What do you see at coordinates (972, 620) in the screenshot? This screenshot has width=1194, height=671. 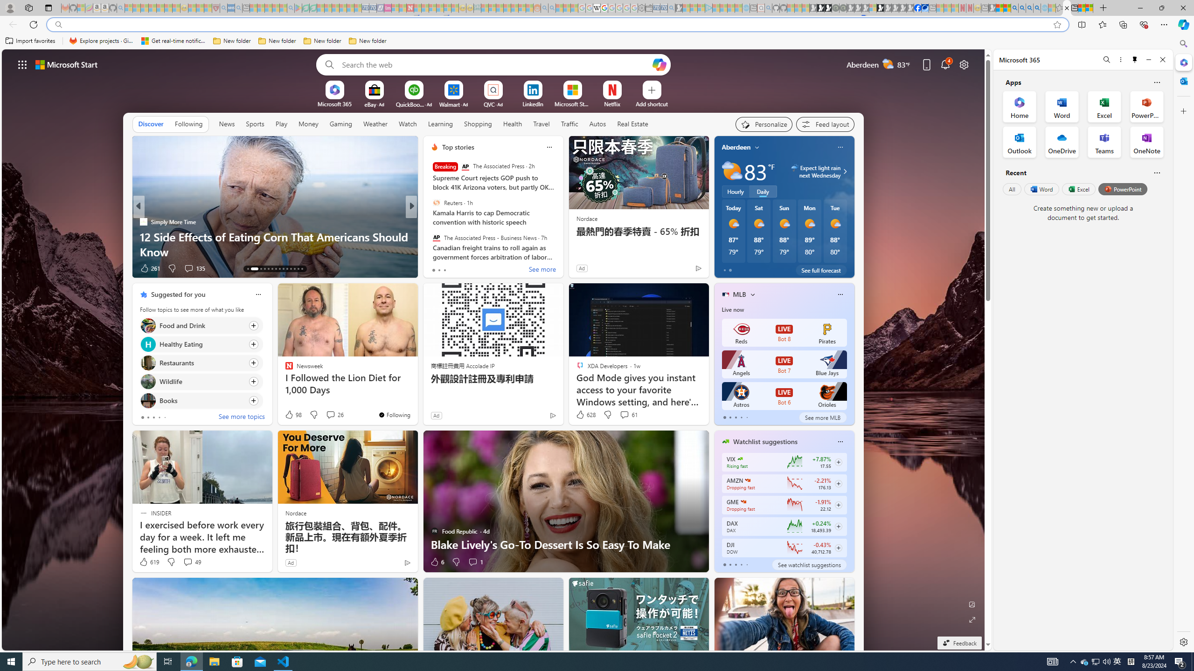 I see `'Expand background'` at bounding box center [972, 620].